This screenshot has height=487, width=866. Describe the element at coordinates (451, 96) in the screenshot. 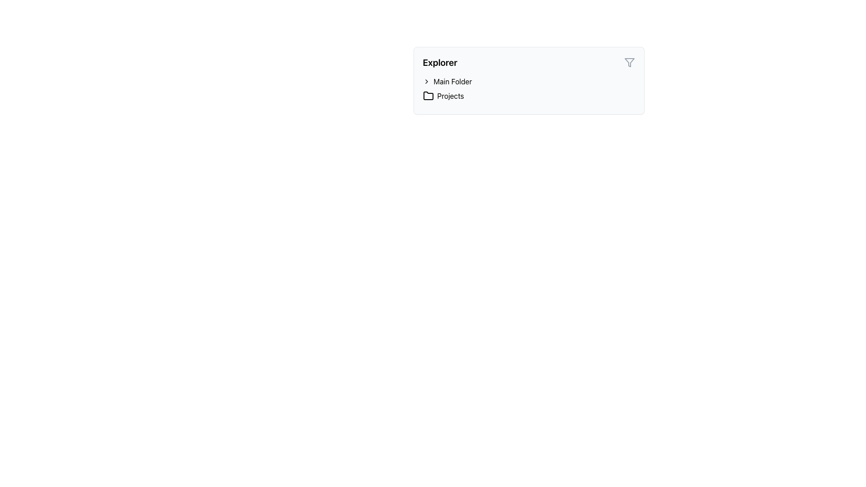

I see `the 'Projects' text label located in the top-right section of the explorer panel` at that location.